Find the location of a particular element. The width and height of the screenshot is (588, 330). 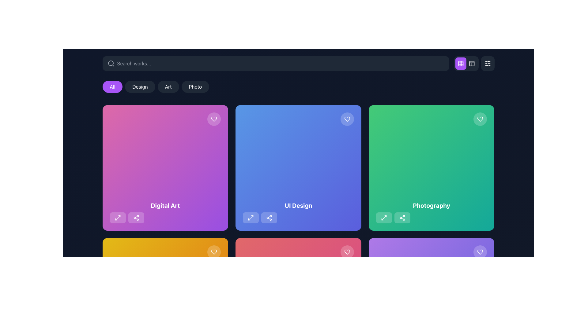

the grid layout toggle button located in the top-right area of the interface, which is the first button in its group is located at coordinates (461, 64).